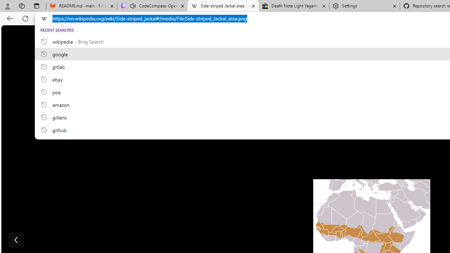  I want to click on 'Side-striped Jackal area - Side-striped jackal - Wikipedia', so click(223, 6).